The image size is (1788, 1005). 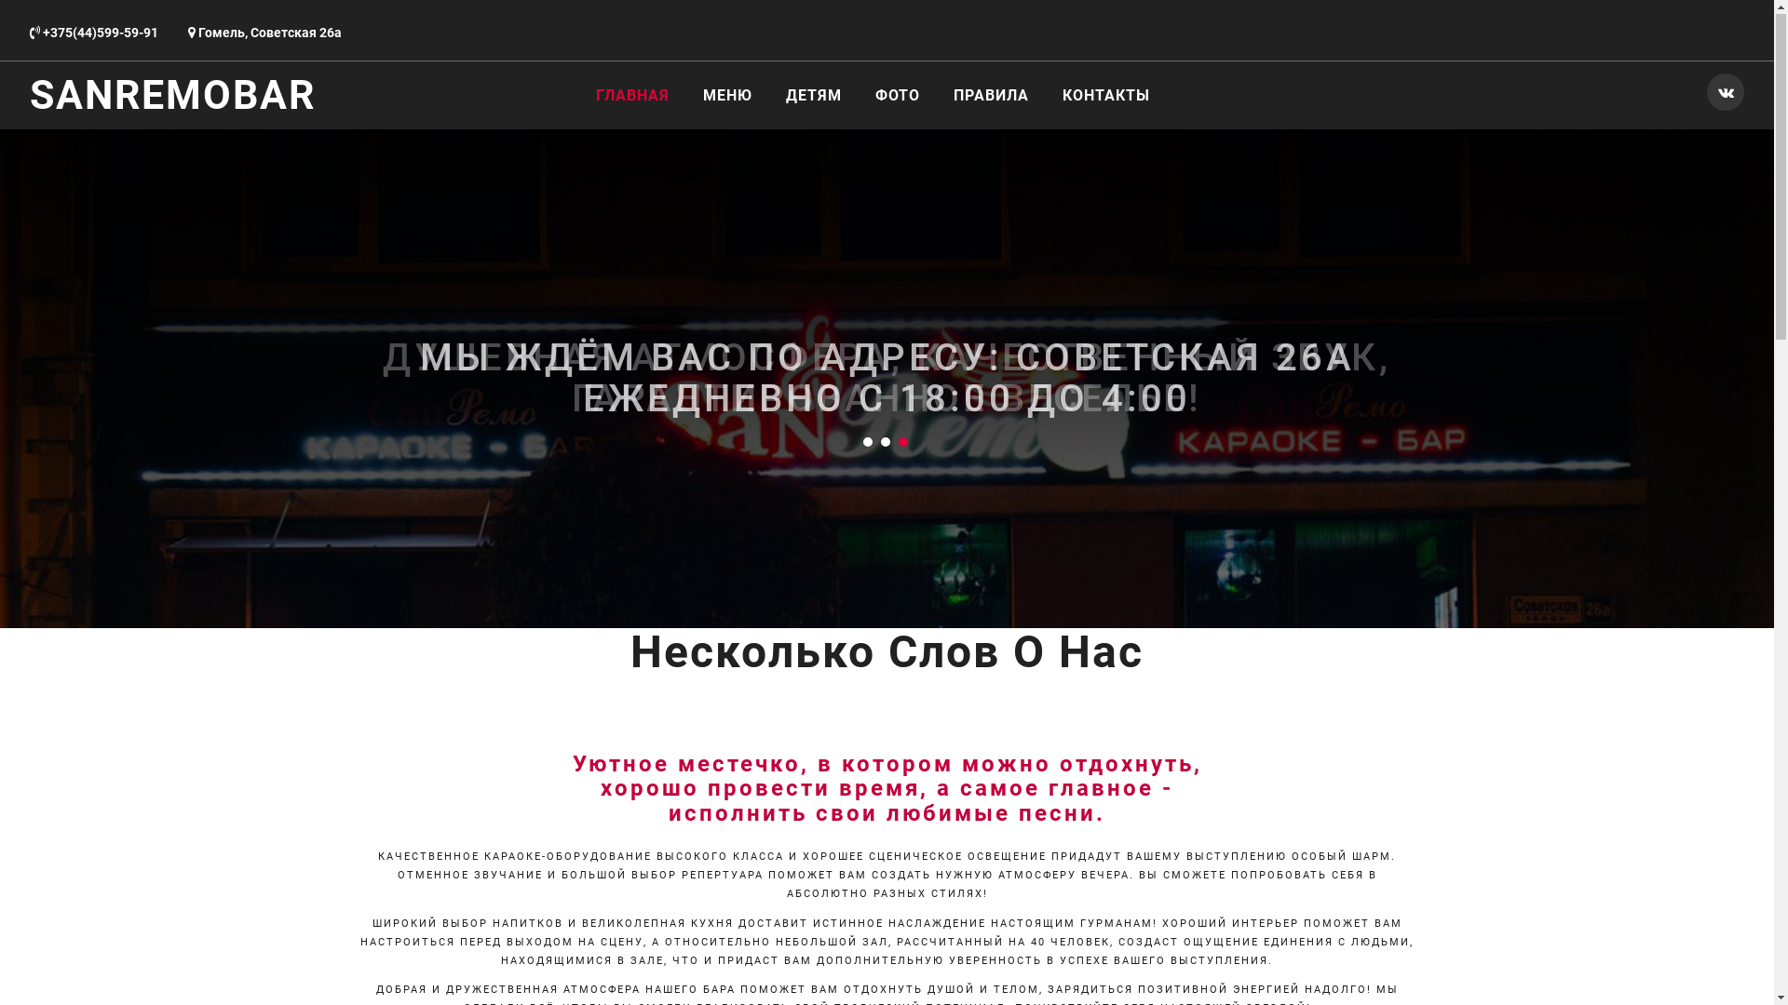 I want to click on 'SANREMOBAR', so click(x=172, y=96).